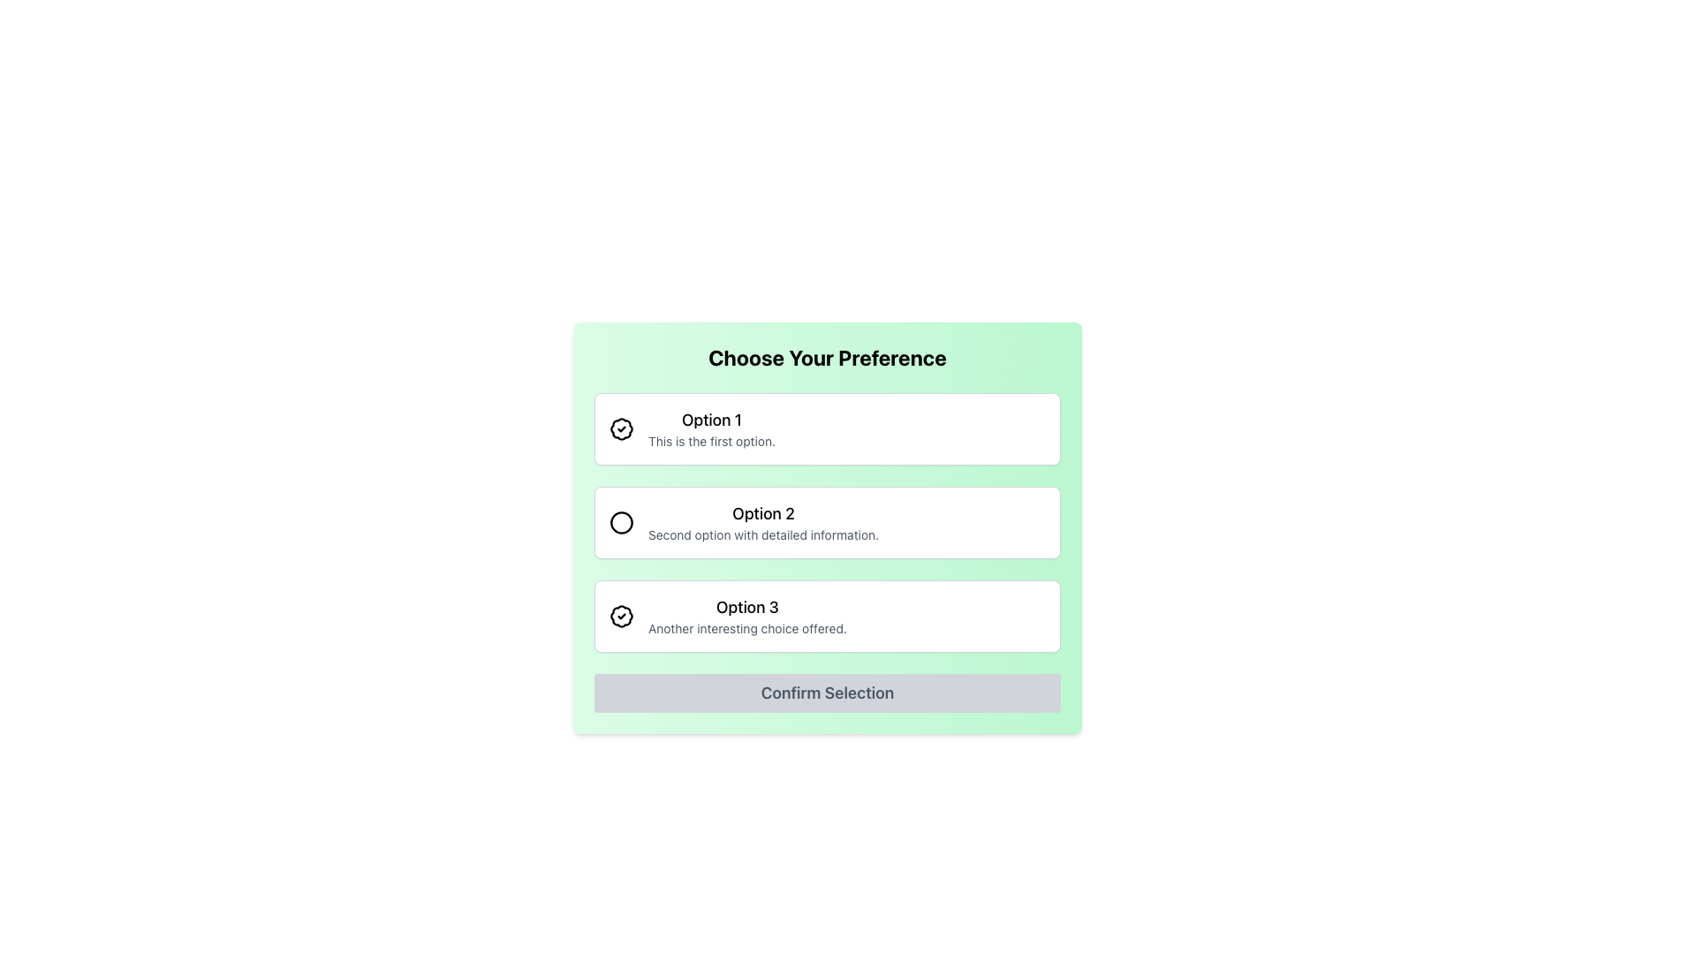 This screenshot has width=1696, height=954. I want to click on the text element displaying 'Option 3', which is in the third selectable card of a vertical stack, positioned in the middle of its card, so click(747, 606).